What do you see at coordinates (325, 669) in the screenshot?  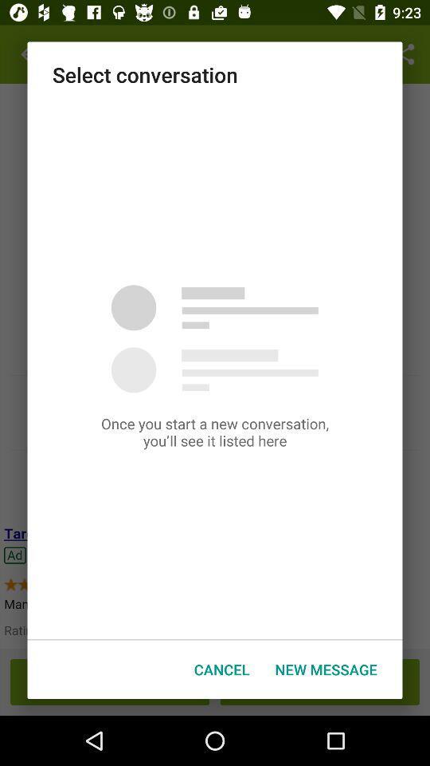 I see `the item at the bottom right corner` at bounding box center [325, 669].